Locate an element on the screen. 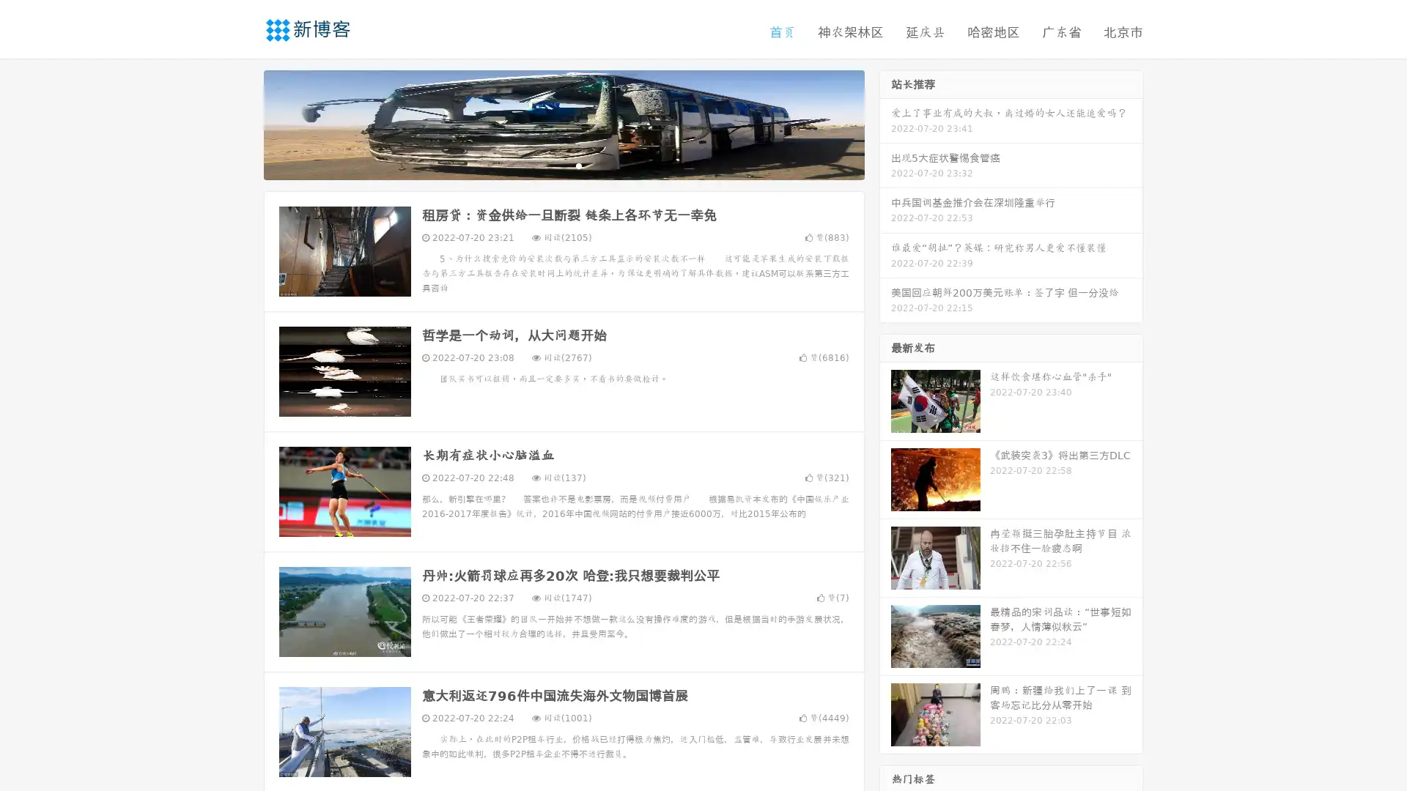 Image resolution: width=1407 pixels, height=791 pixels. Go to slide 3 is located at coordinates (578, 165).